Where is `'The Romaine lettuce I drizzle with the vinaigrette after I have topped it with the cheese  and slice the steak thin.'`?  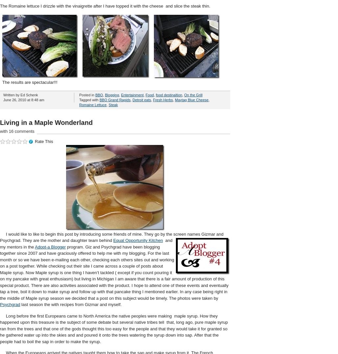 'The Romaine lettuce I drizzle with the vinaigrette after I have topped it with the cheese  and slice the steak thin.' is located at coordinates (0, 5).